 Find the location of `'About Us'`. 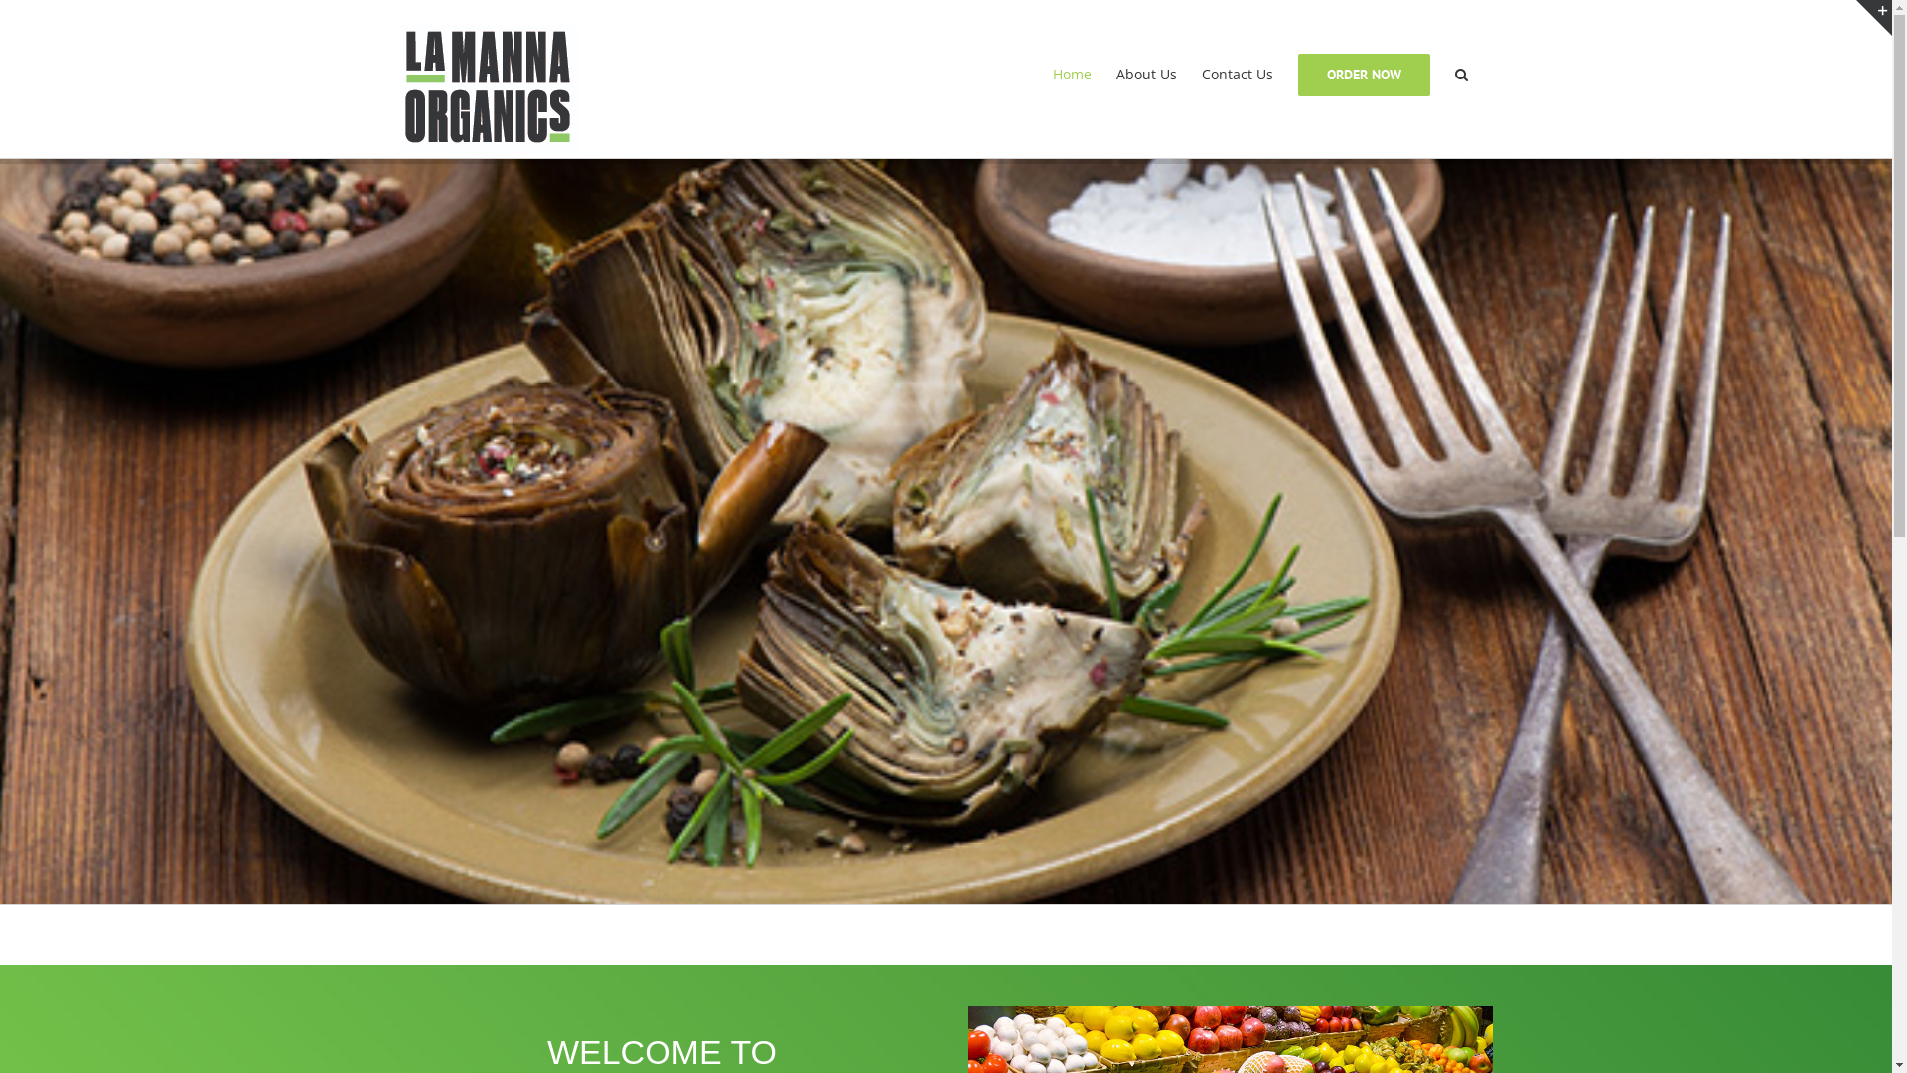

'About Us' is located at coordinates (1146, 73).